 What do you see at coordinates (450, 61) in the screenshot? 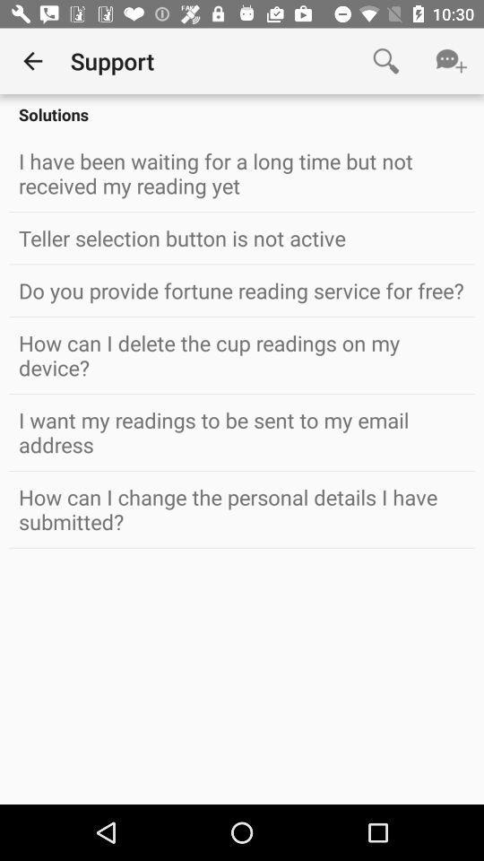
I see `icon above solutions item` at bounding box center [450, 61].